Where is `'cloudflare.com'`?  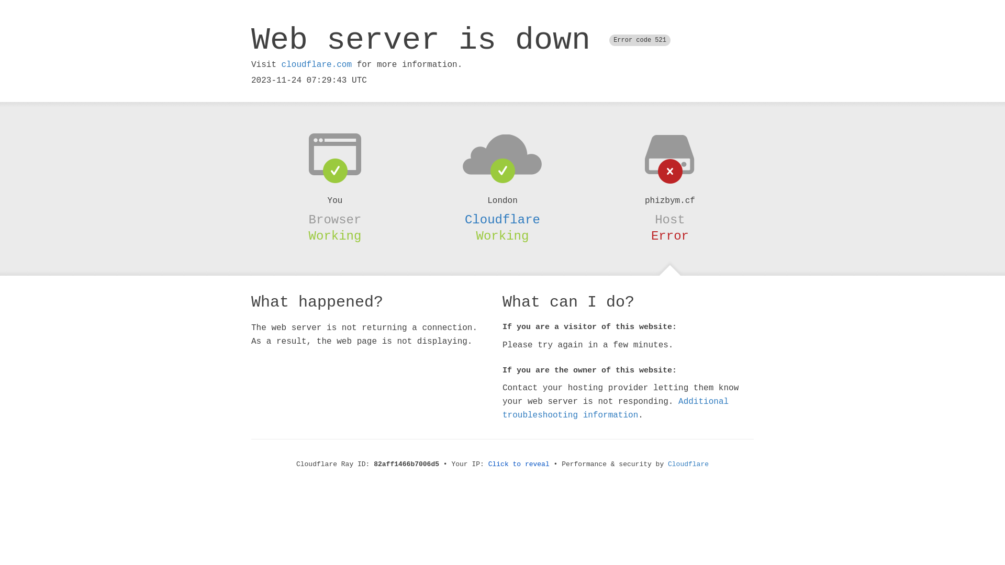
'cloudflare.com' is located at coordinates (316, 64).